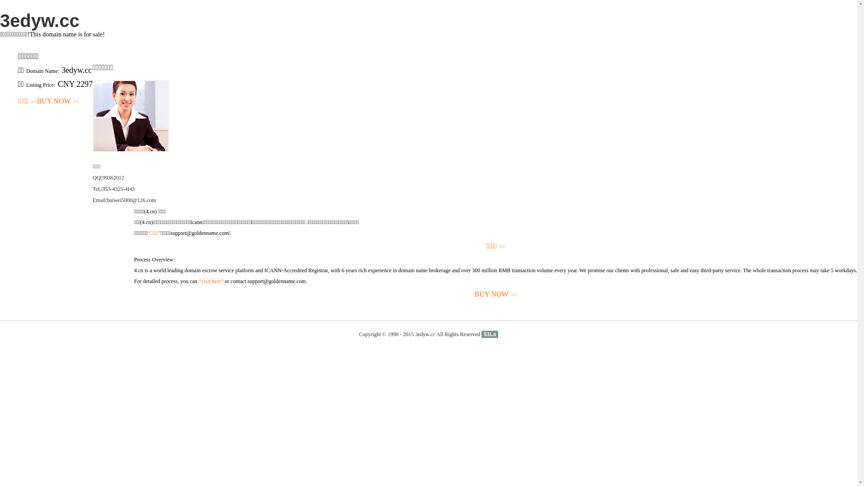 The width and height of the screenshot is (864, 486). Describe the element at coordinates (58, 101) in the screenshot. I see `'BUY NOW>>'` at that location.